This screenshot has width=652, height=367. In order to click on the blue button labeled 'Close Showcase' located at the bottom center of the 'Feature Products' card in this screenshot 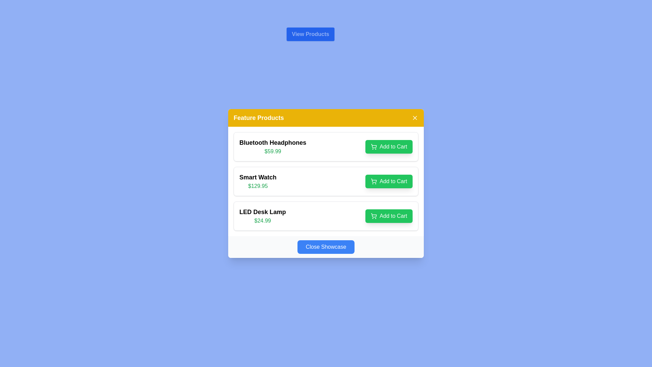, I will do `click(326, 247)`.